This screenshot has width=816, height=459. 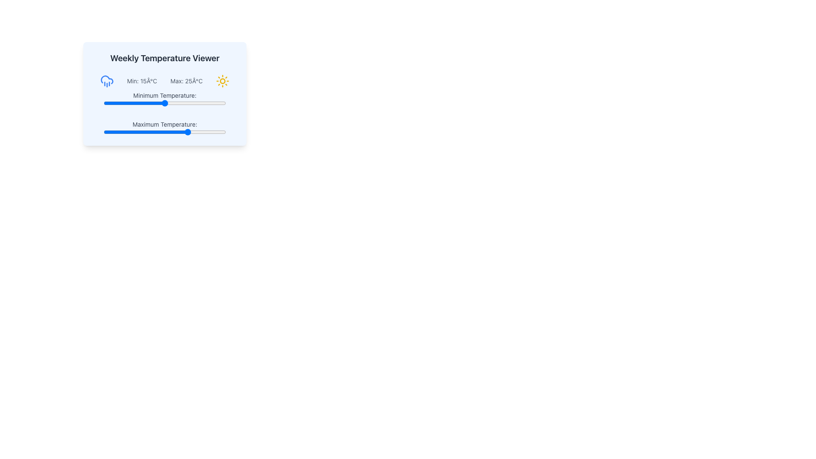 What do you see at coordinates (150, 132) in the screenshot?
I see `the maximum temperature` at bounding box center [150, 132].